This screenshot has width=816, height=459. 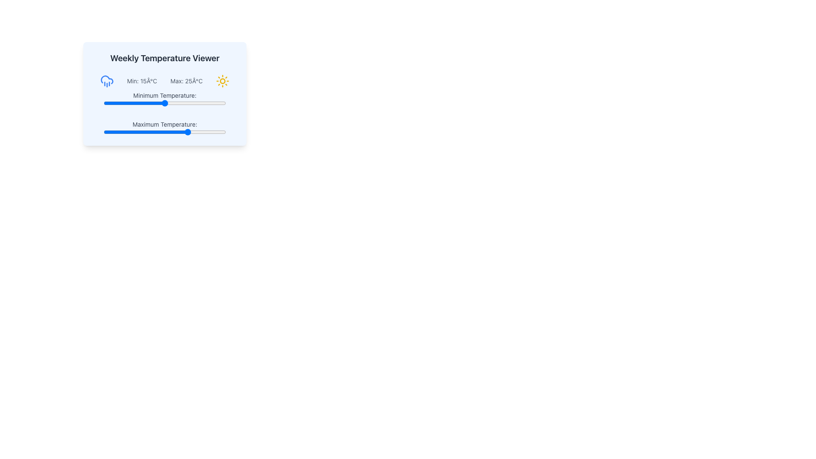 What do you see at coordinates (150, 132) in the screenshot?
I see `the maximum temperature` at bounding box center [150, 132].